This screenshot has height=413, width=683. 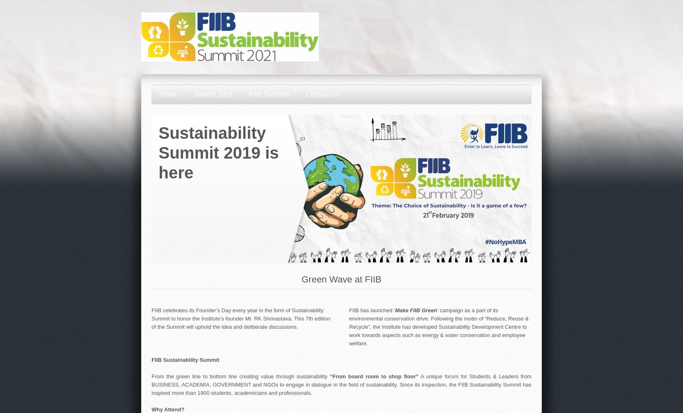 What do you see at coordinates (341, 279) in the screenshot?
I see `'Green Wave at FIIB'` at bounding box center [341, 279].